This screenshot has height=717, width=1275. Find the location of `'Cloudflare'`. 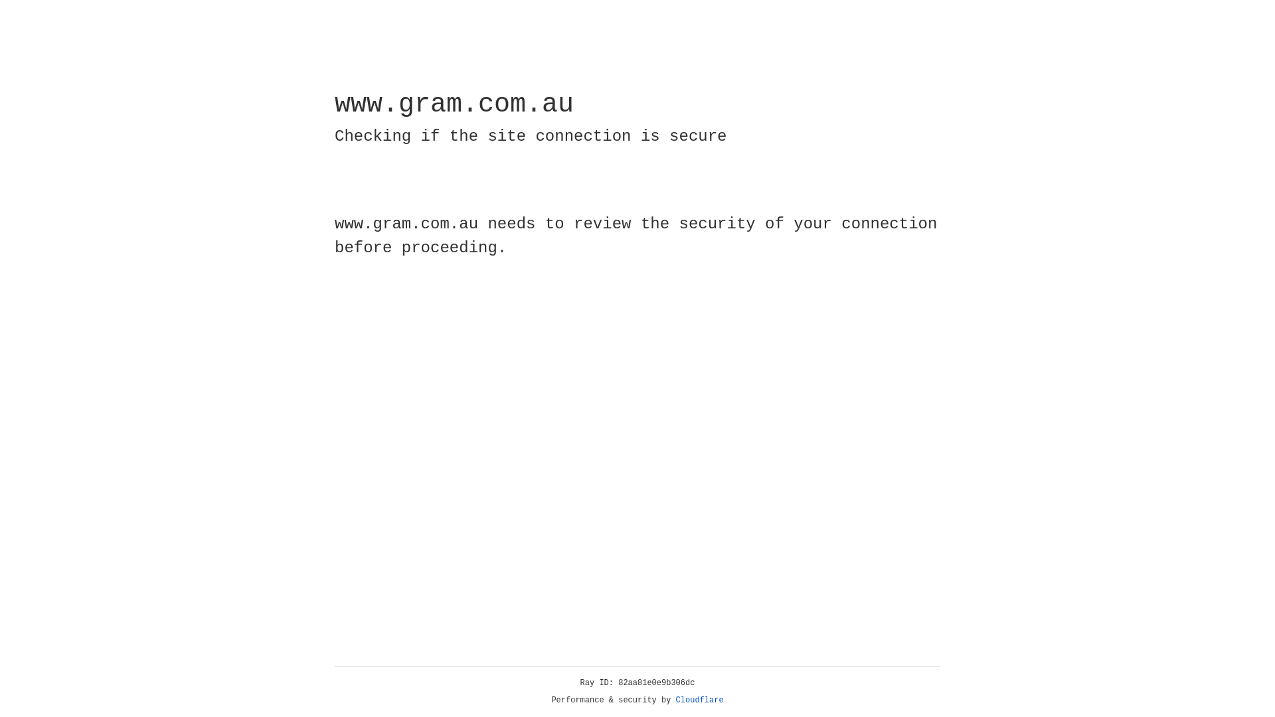

'Cloudflare' is located at coordinates (699, 700).